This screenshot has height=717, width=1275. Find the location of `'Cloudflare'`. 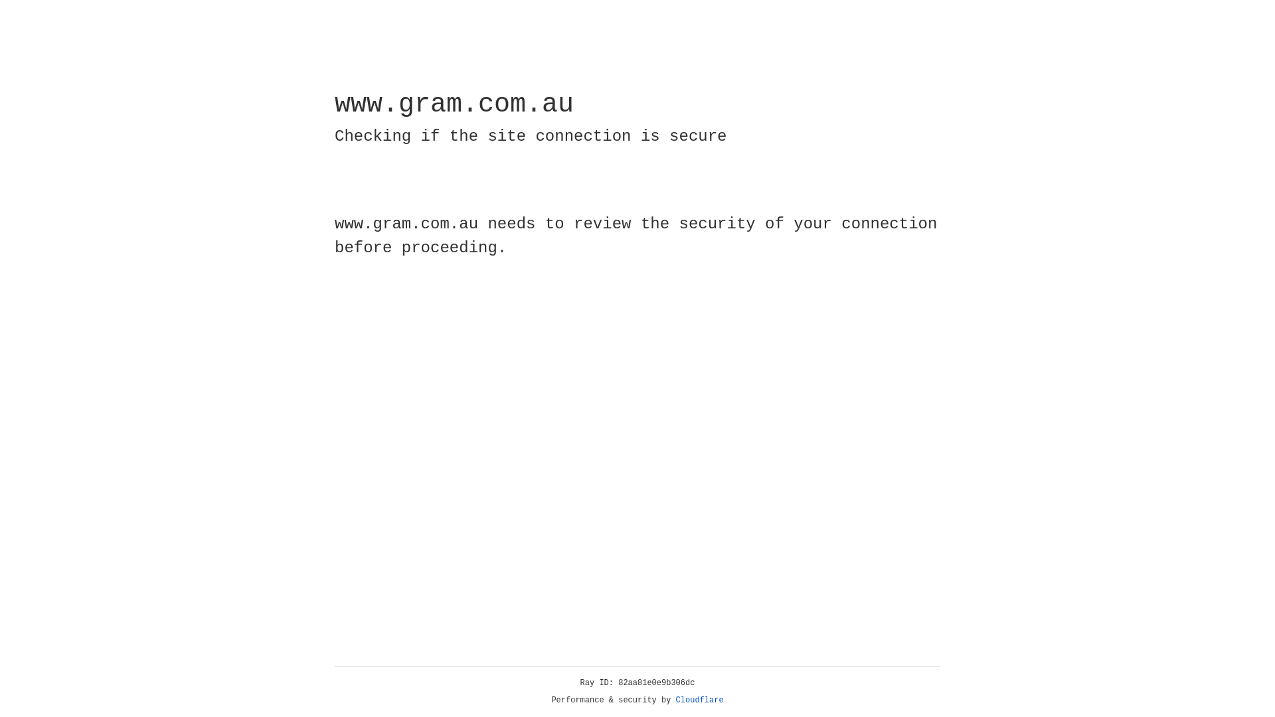

'Cloudflare' is located at coordinates (699, 700).